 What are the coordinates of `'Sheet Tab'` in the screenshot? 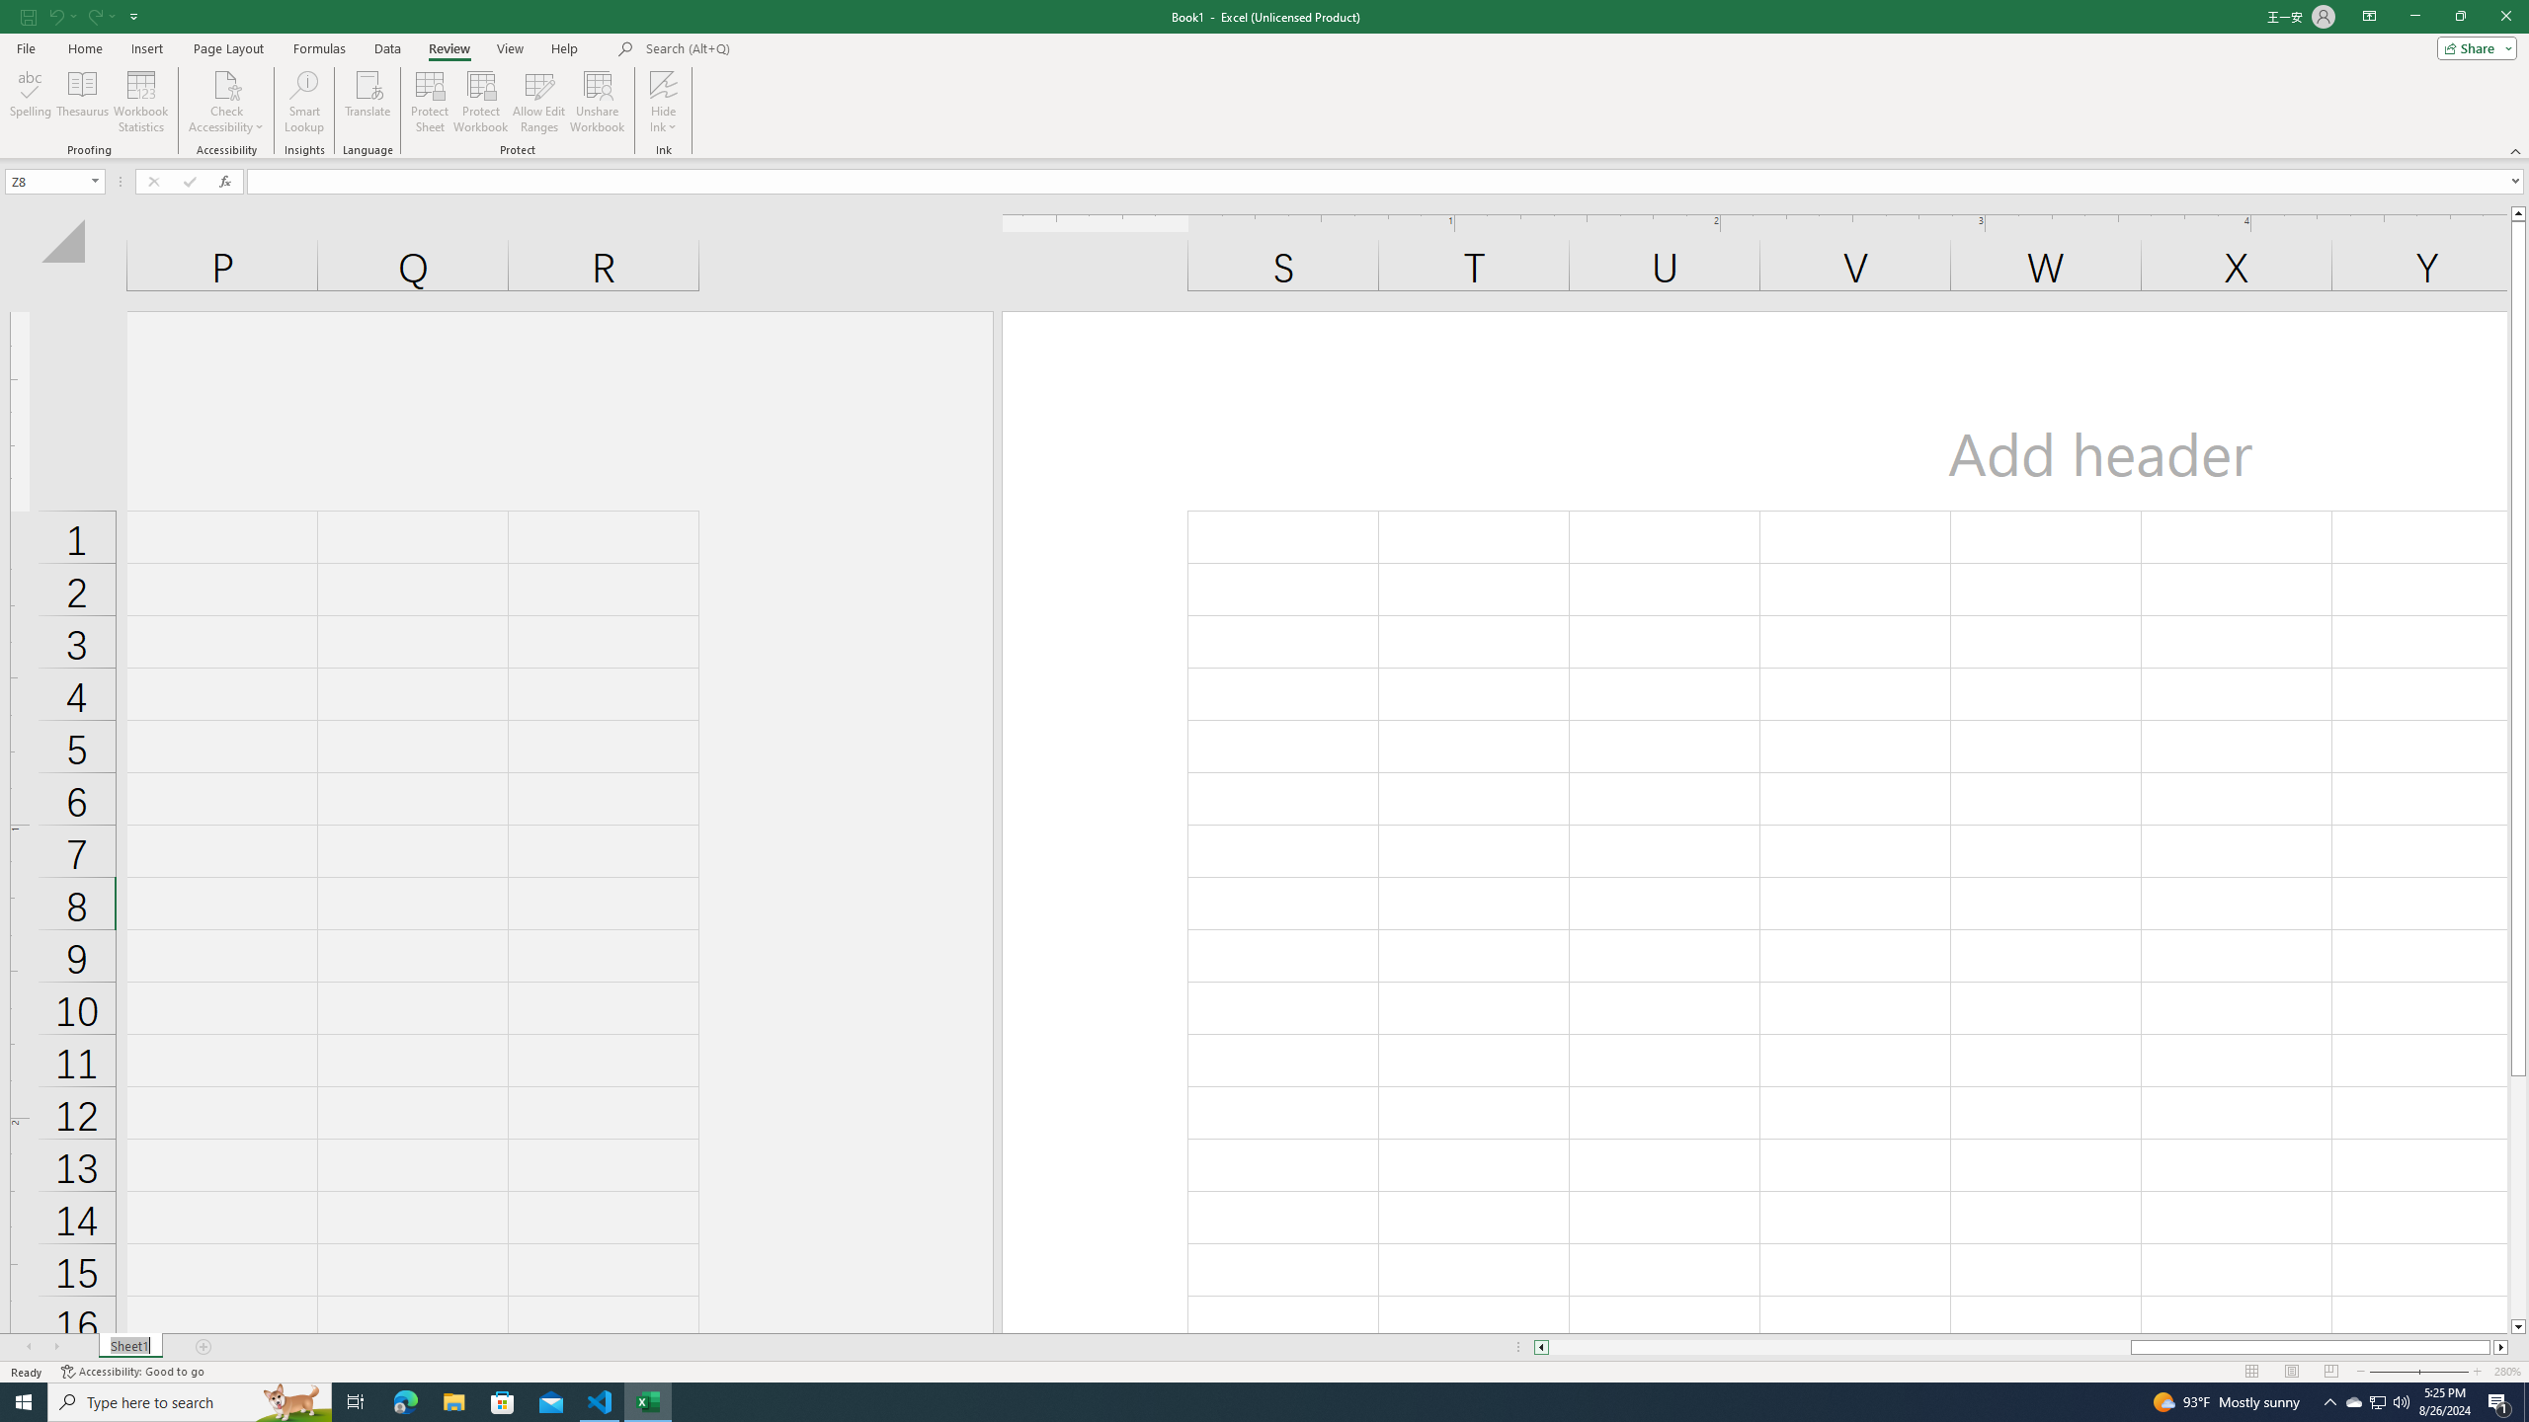 It's located at (128, 1346).